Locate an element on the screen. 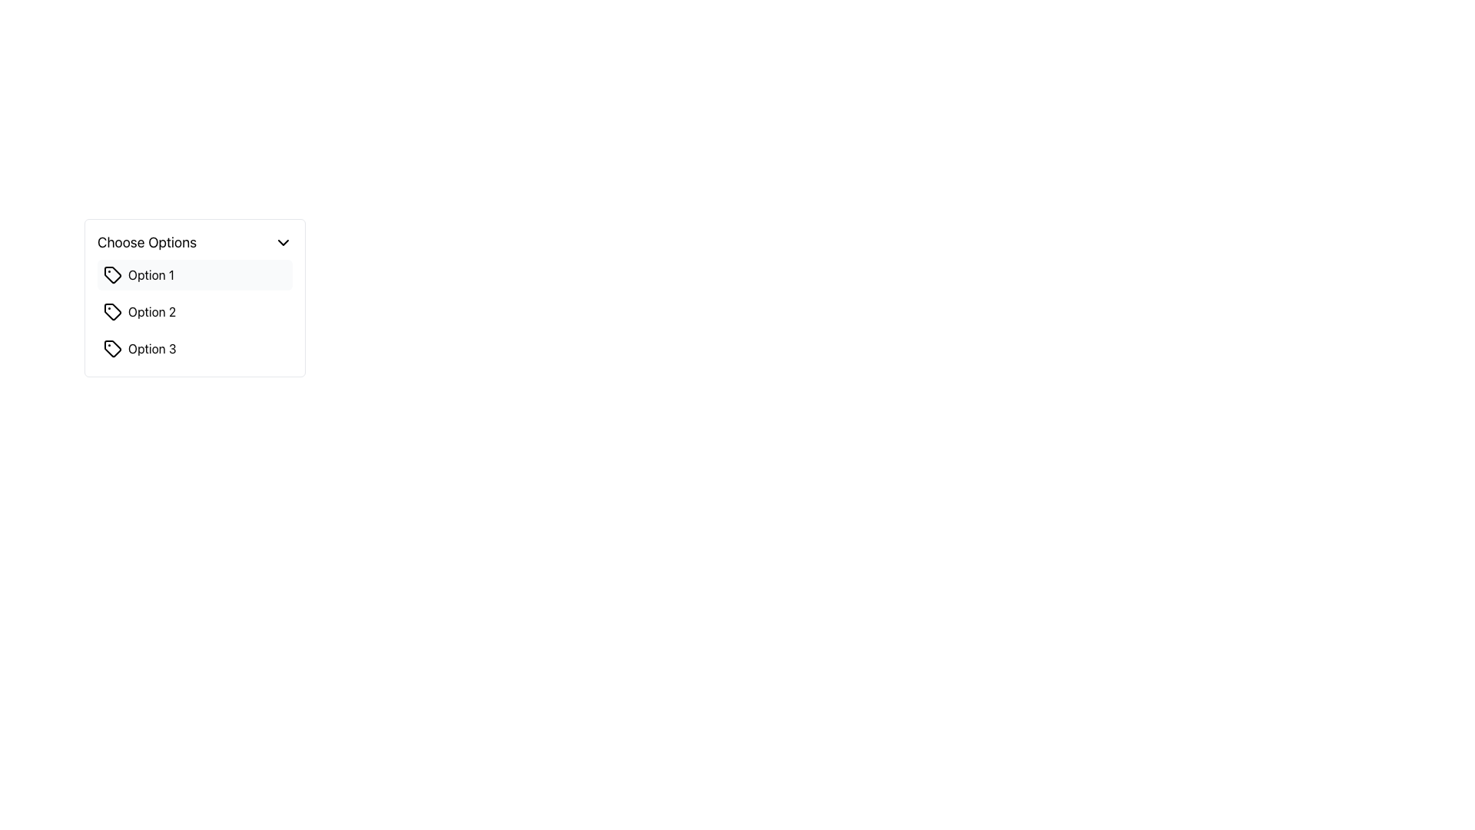 Image resolution: width=1475 pixels, height=830 pixels. the leftmost SVG graphic icon representing the tagging feature for the 'Option 1' list item in the dropdown interface is located at coordinates (112, 274).